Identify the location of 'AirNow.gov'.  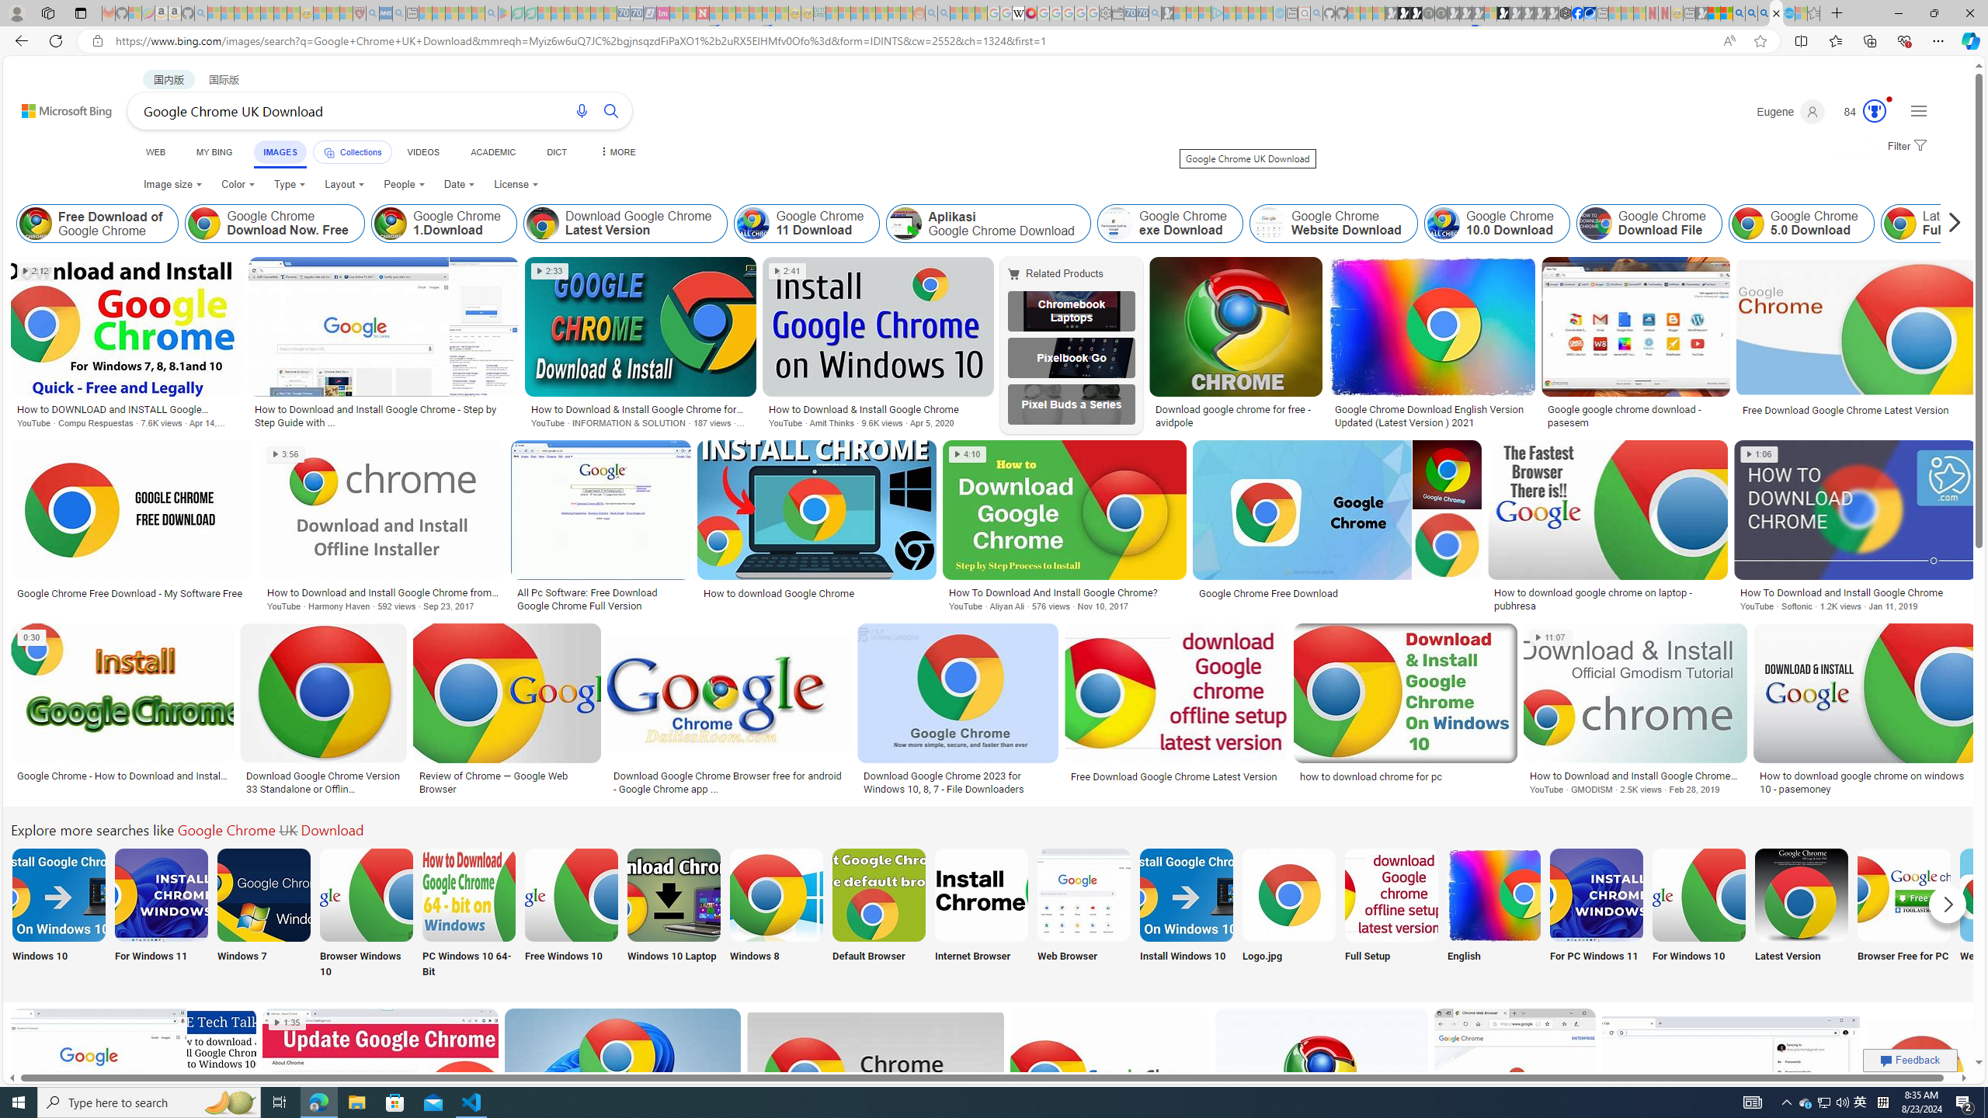
(1589, 12).